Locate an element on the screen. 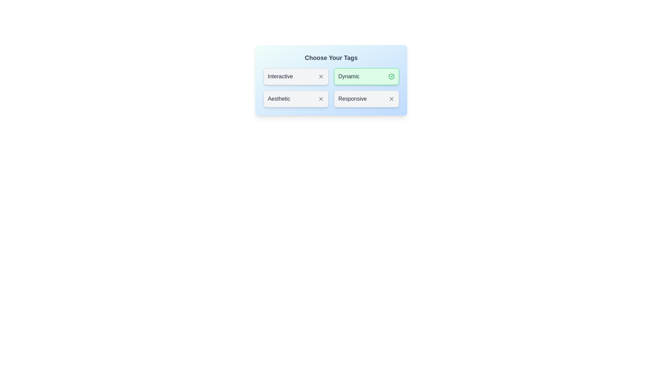 Image resolution: width=651 pixels, height=366 pixels. the tag labeled Responsive to observe the scale effect is located at coordinates (366, 99).